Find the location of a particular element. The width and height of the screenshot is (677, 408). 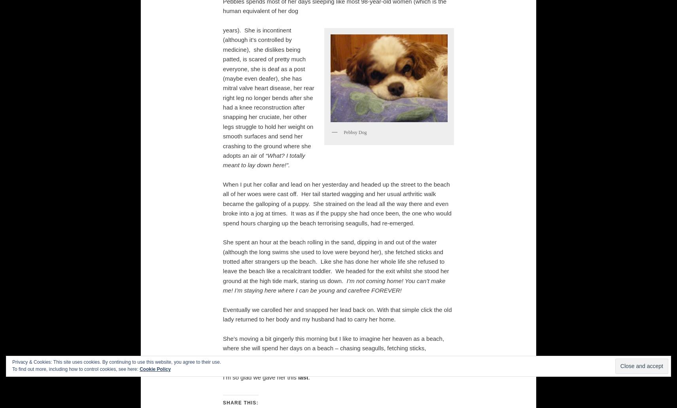

'Pebbsy Dog' is located at coordinates (354, 132).